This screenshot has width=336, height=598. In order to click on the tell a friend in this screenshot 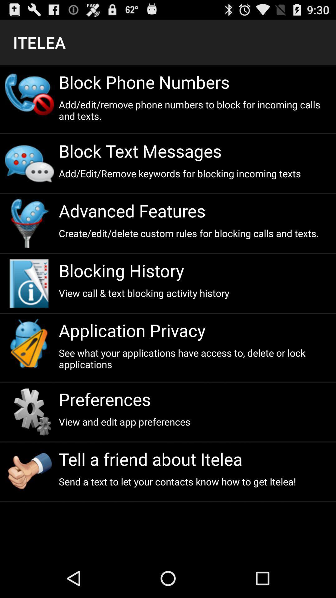, I will do `click(194, 459)`.